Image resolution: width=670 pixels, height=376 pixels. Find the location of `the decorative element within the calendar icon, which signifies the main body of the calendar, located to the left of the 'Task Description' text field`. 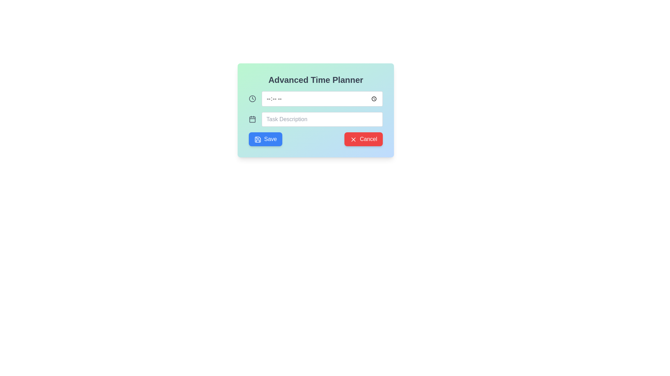

the decorative element within the calendar icon, which signifies the main body of the calendar, located to the left of the 'Task Description' text field is located at coordinates (252, 119).